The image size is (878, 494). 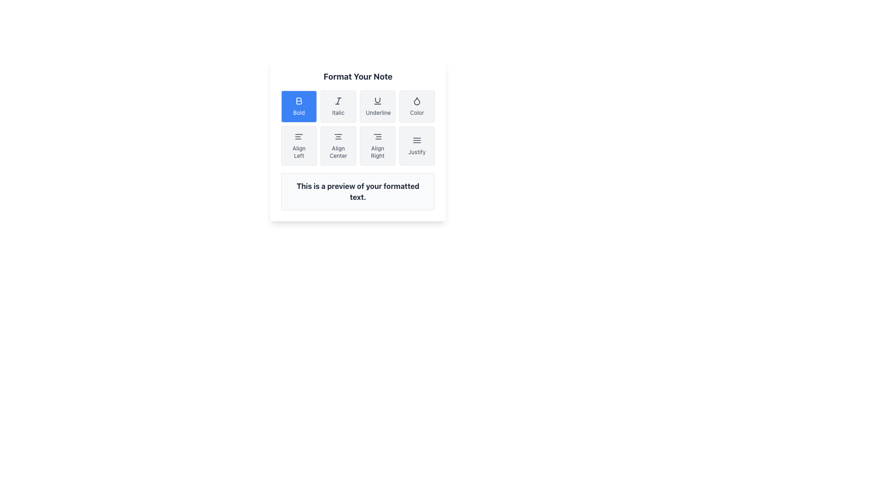 What do you see at coordinates (299, 145) in the screenshot?
I see `the left alignment button located in the third row, first column` at bounding box center [299, 145].